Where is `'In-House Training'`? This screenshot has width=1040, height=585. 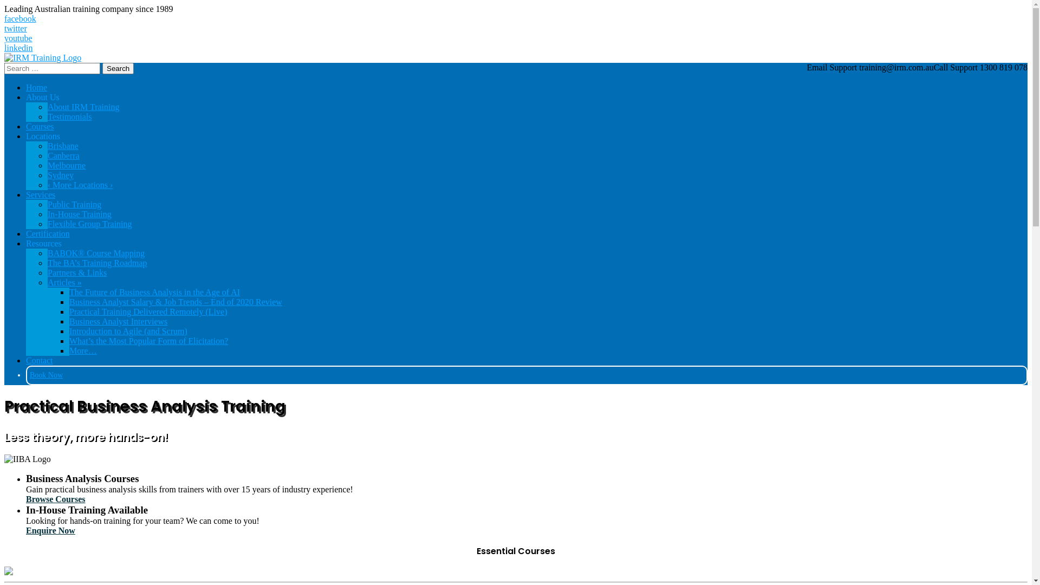
'In-House Training' is located at coordinates (47, 214).